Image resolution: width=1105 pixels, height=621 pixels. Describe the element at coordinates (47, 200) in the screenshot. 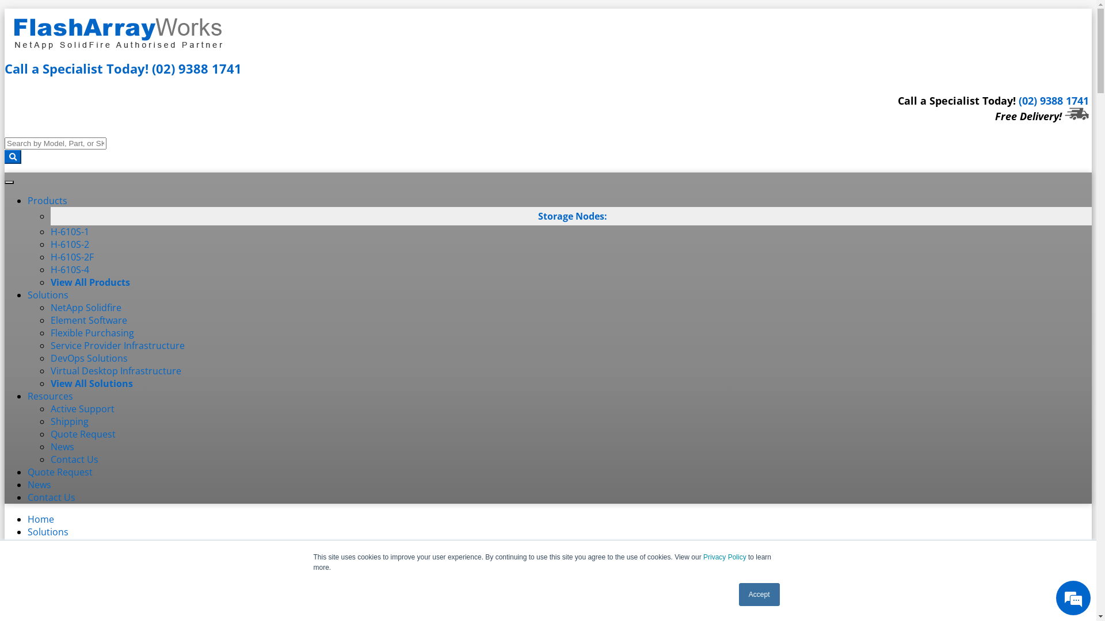

I see `'Products'` at that location.